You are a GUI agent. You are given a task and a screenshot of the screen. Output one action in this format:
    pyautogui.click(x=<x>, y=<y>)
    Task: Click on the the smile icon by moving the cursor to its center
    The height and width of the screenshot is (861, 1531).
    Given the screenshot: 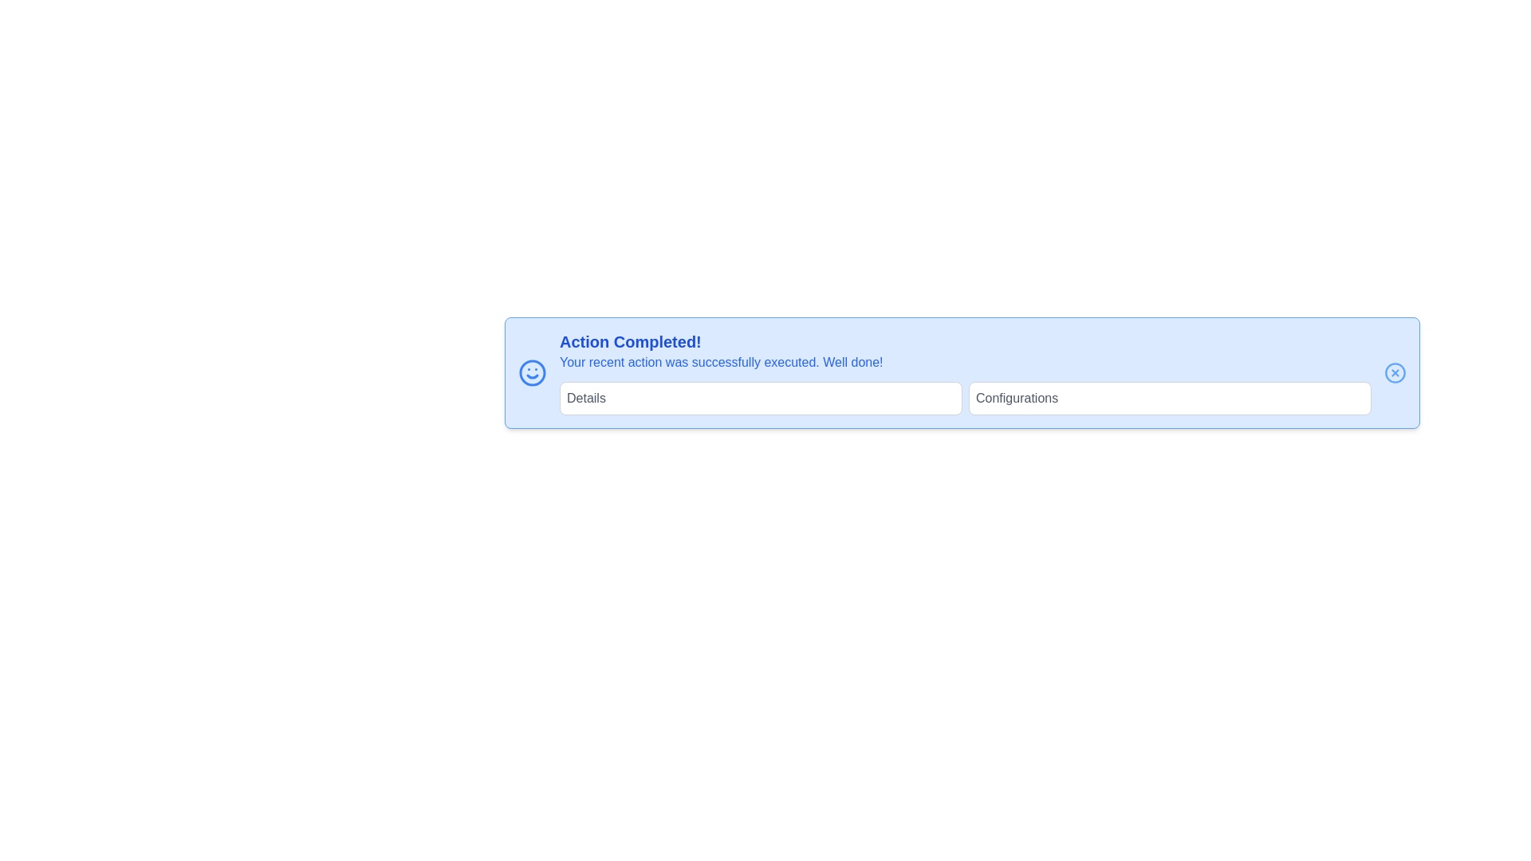 What is the action you would take?
    pyautogui.click(x=532, y=372)
    